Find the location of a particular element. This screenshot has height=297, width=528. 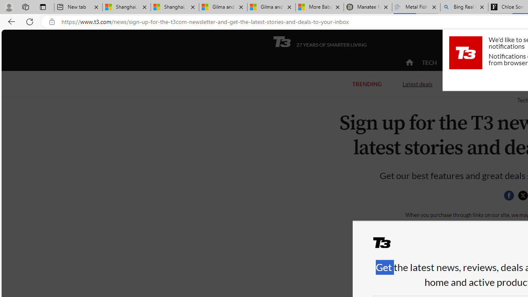

'Tab actions menu' is located at coordinates (42, 7).